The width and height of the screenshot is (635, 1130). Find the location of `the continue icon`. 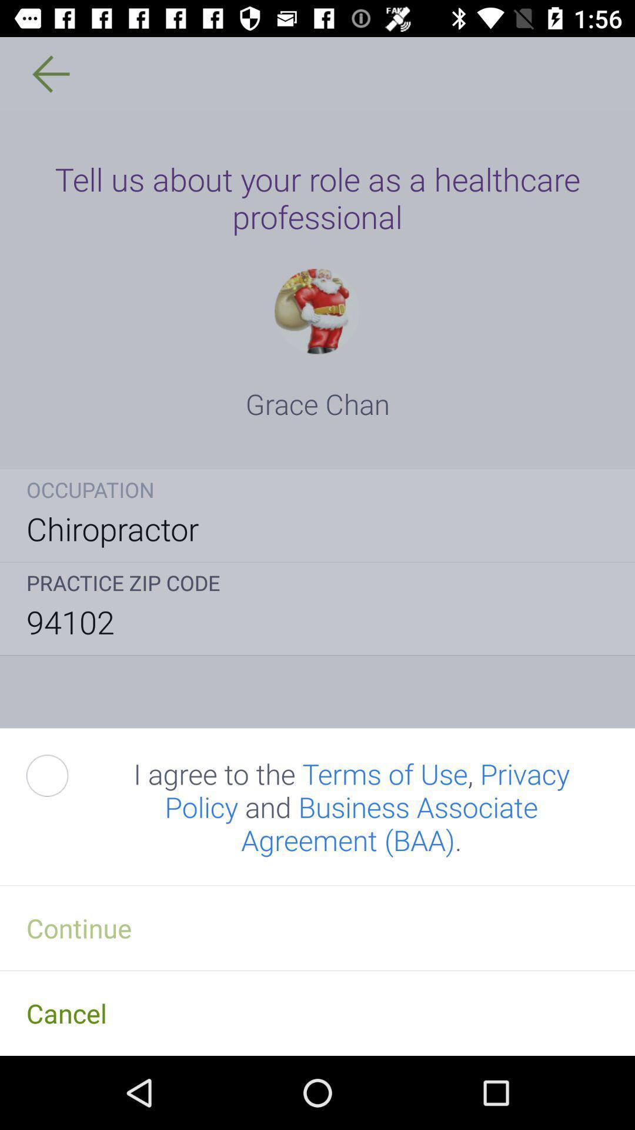

the continue icon is located at coordinates (317, 927).